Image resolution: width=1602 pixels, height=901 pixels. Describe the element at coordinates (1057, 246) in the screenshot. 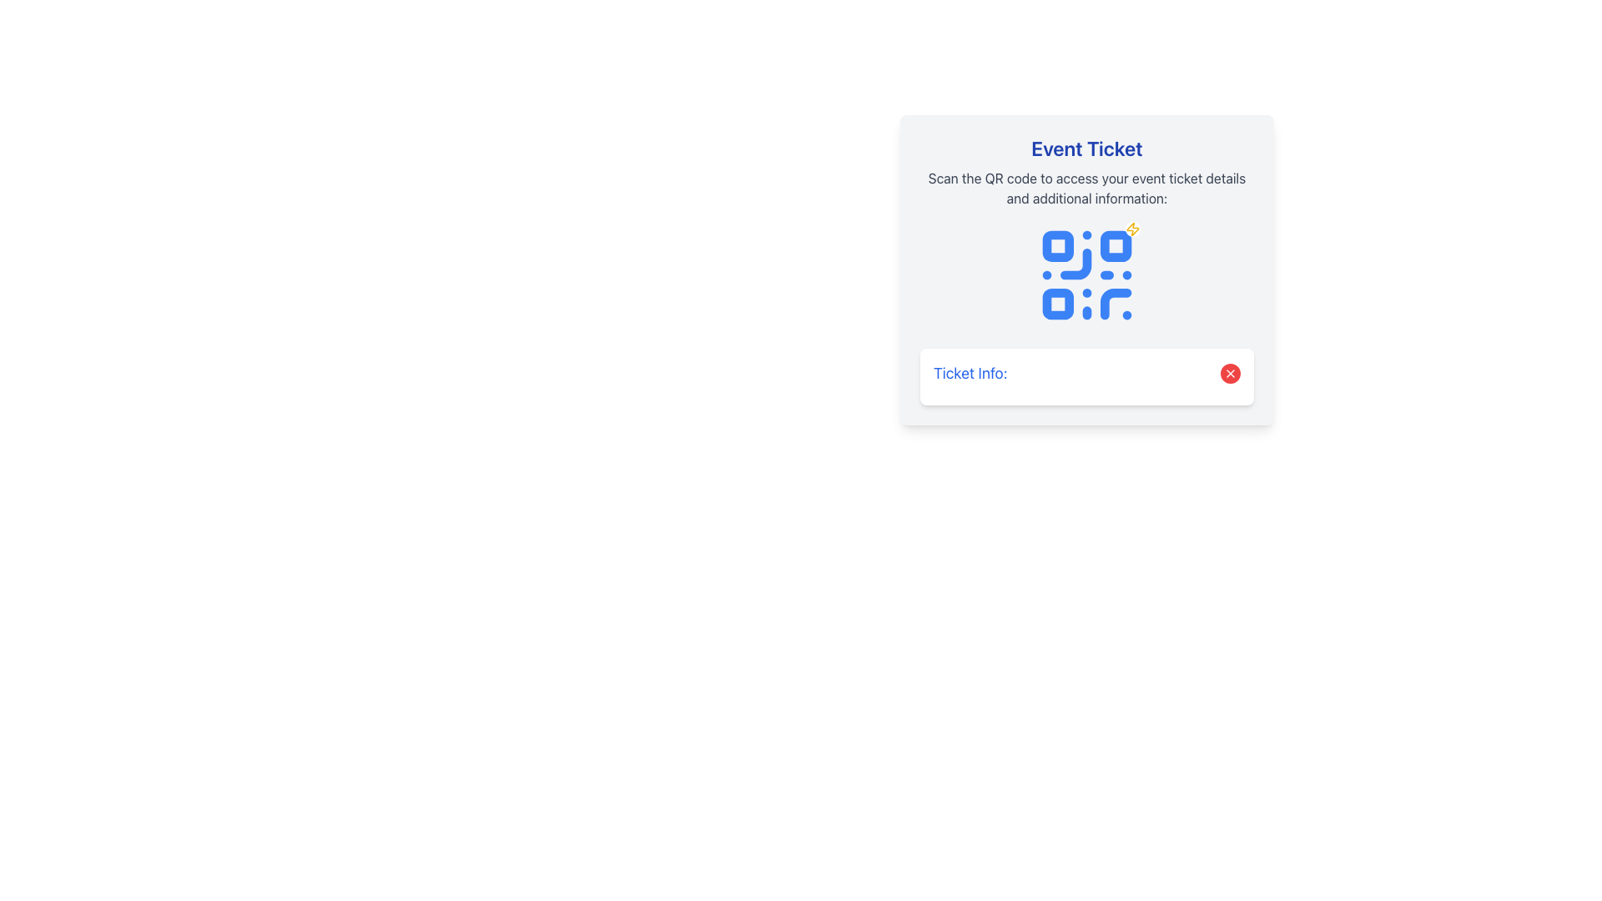

I see `the small blue square with rounded corners located in the top-left part of the QR code display` at that location.